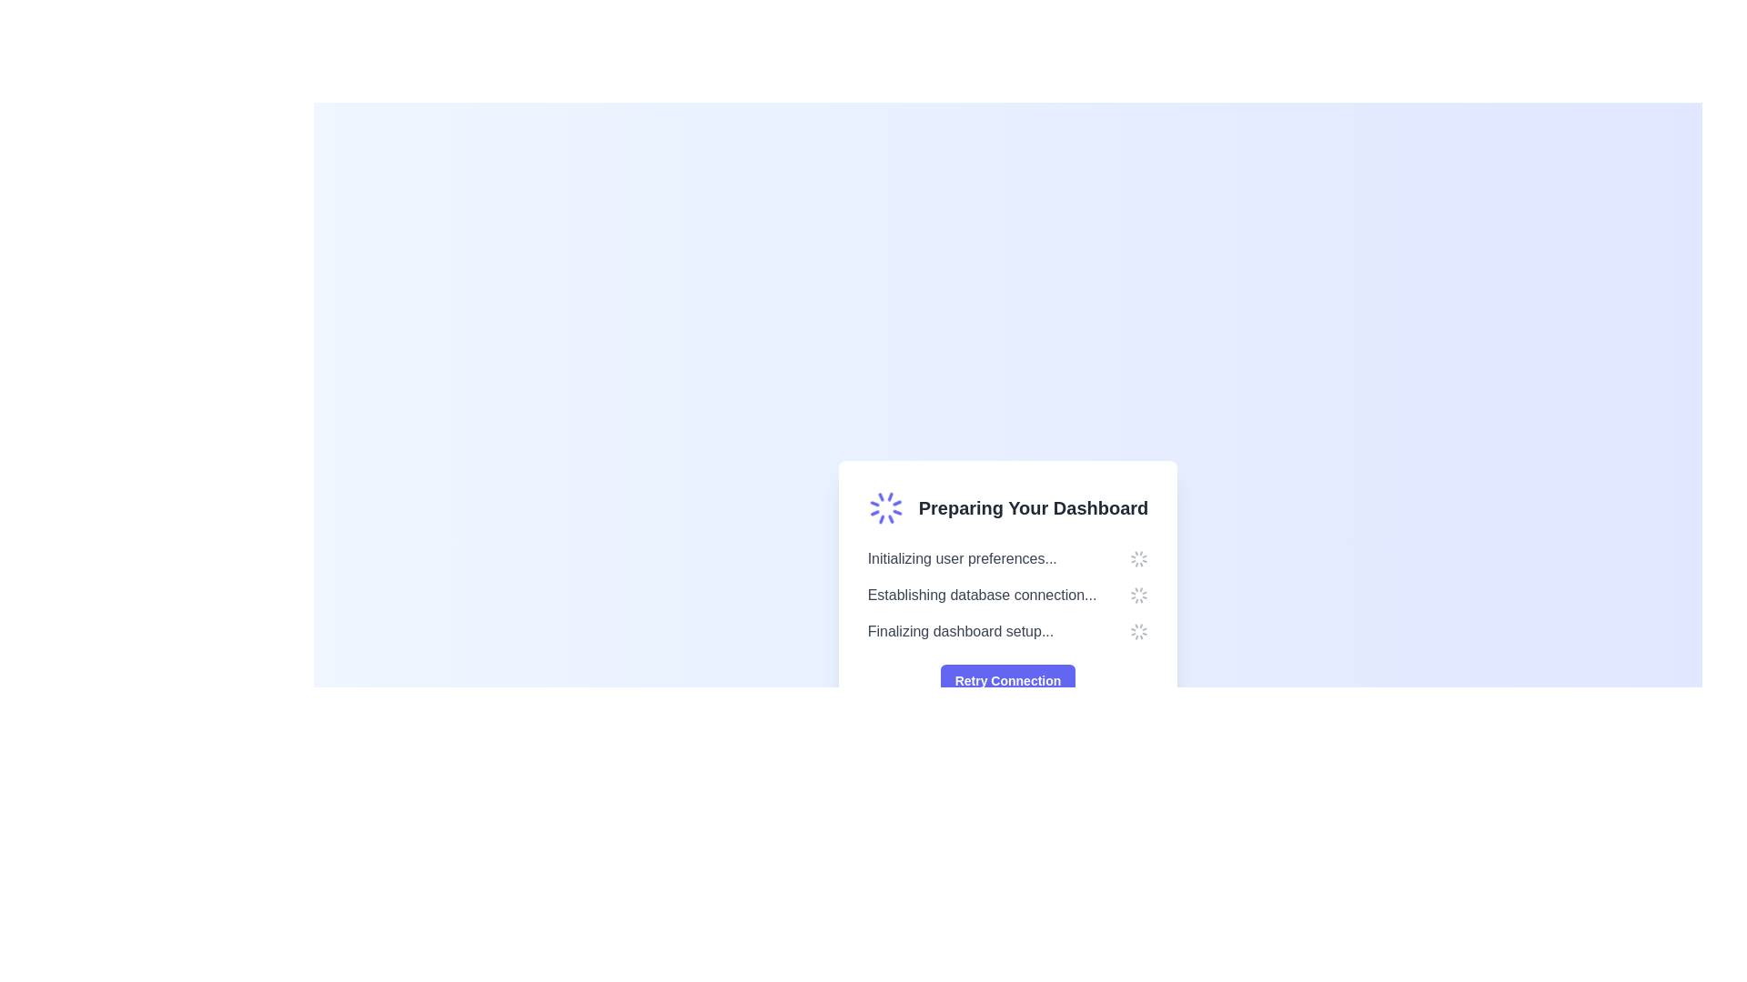 Image resolution: width=1747 pixels, height=982 pixels. What do you see at coordinates (981, 596) in the screenshot?
I see `text label displaying 'Establishing database connection...' which is styled in gray font and positioned as the second item in the vertical list of status messages under 'Preparing Your Dashboard'` at bounding box center [981, 596].